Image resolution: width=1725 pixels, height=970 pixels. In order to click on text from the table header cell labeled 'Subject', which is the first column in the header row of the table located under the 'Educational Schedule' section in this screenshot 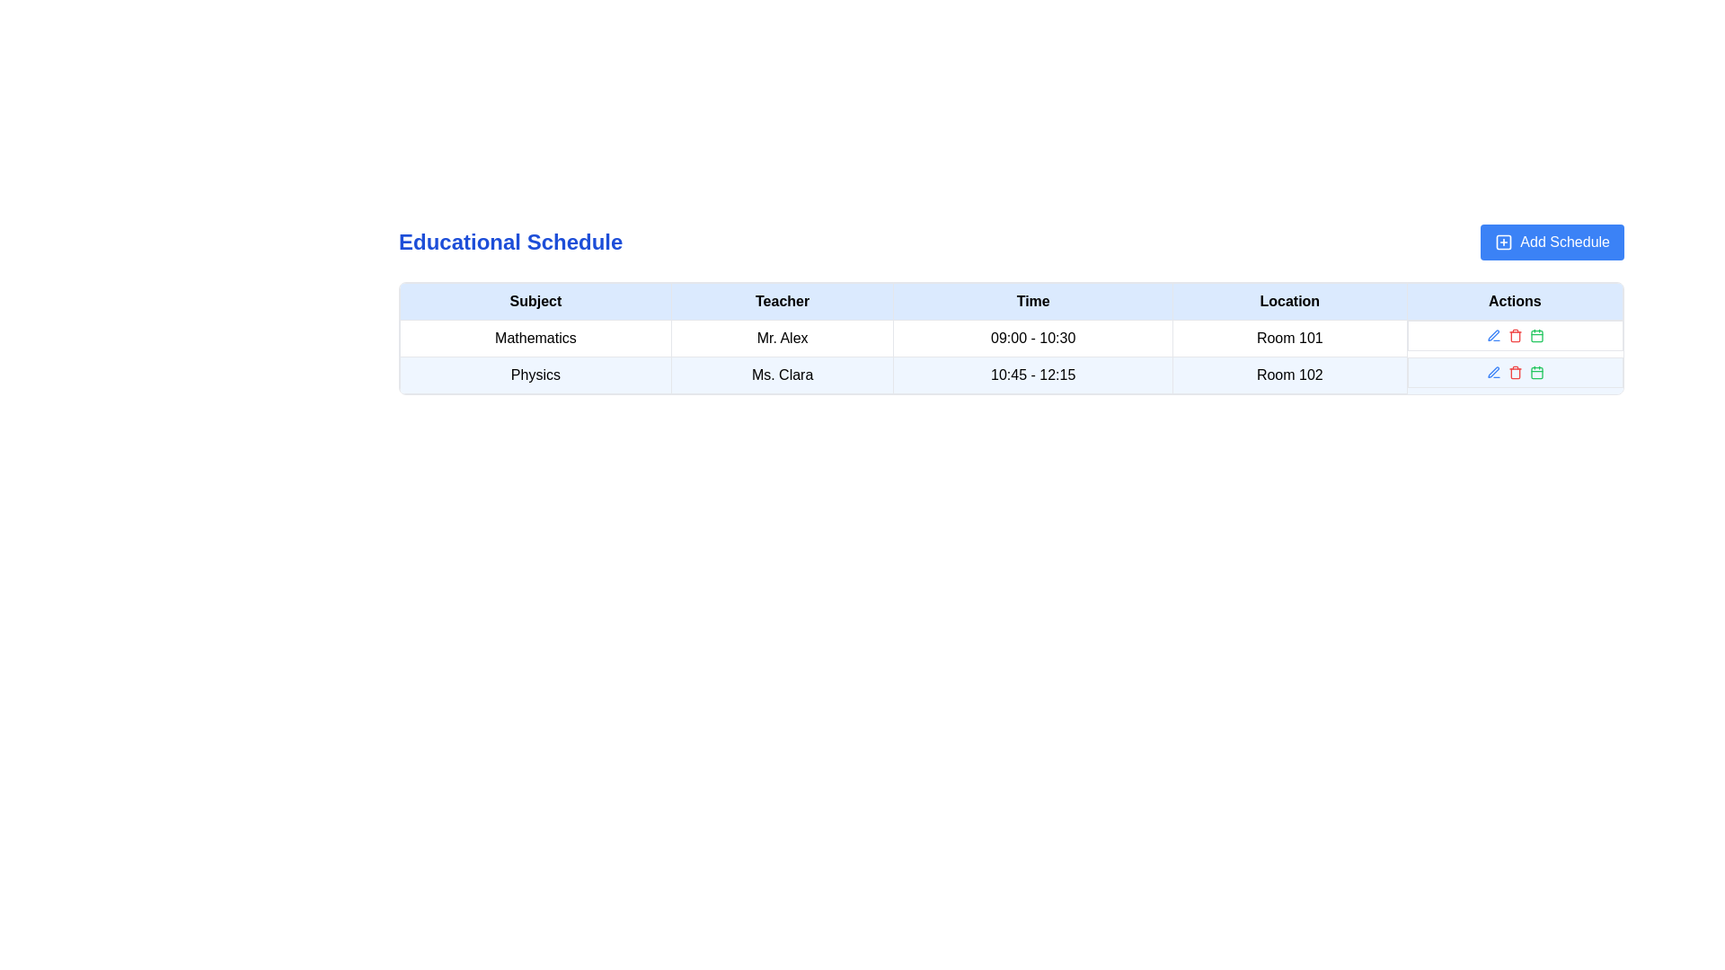, I will do `click(535, 300)`.